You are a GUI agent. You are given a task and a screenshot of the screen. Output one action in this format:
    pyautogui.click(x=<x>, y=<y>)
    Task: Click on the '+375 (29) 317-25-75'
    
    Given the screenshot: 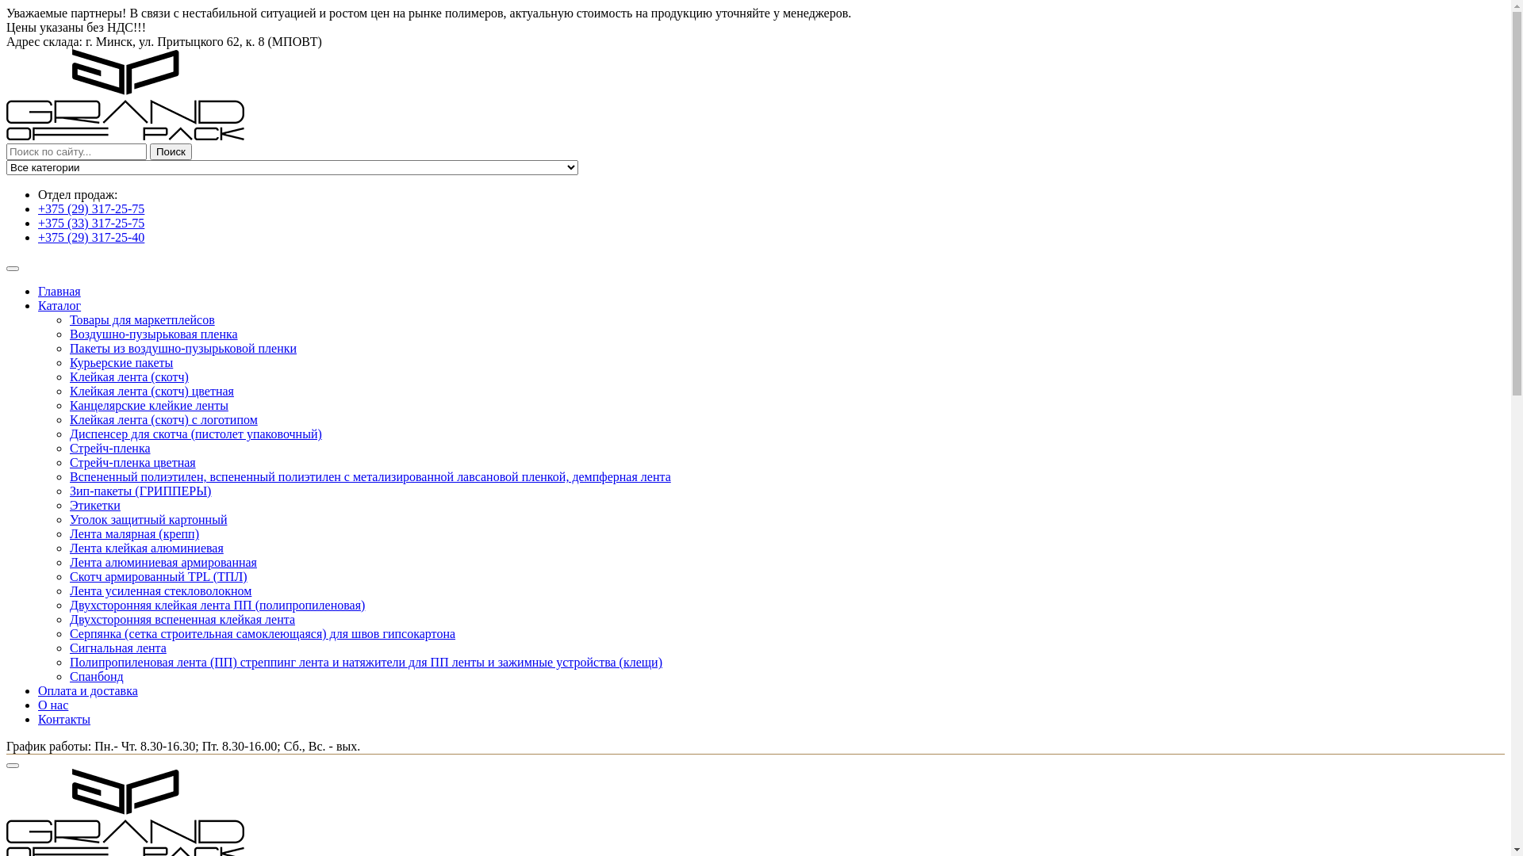 What is the action you would take?
    pyautogui.click(x=38, y=208)
    